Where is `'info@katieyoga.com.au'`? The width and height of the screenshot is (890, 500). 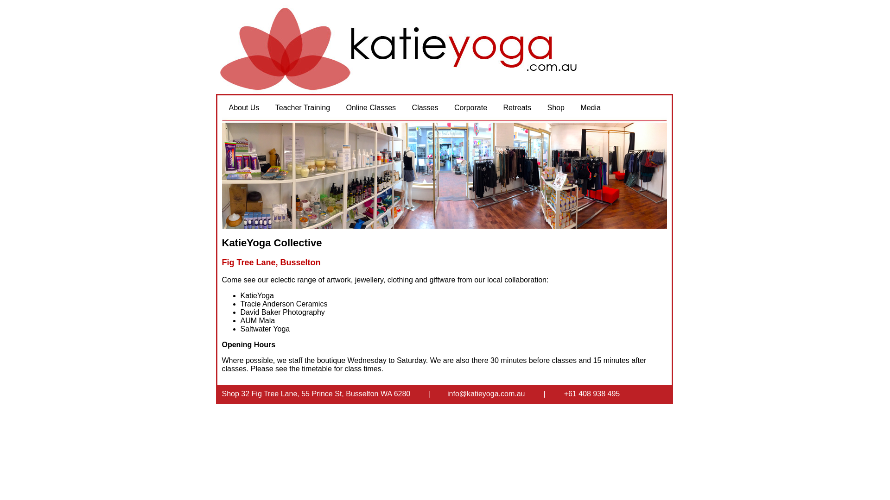 'info@katieyoga.com.au' is located at coordinates (447, 394).